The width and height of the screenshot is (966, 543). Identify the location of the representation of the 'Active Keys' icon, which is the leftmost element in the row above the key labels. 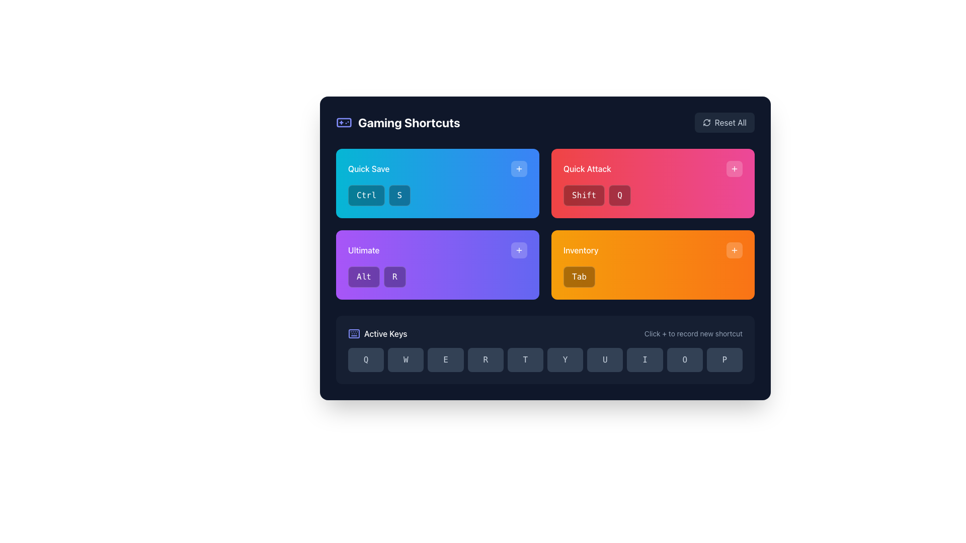
(354, 333).